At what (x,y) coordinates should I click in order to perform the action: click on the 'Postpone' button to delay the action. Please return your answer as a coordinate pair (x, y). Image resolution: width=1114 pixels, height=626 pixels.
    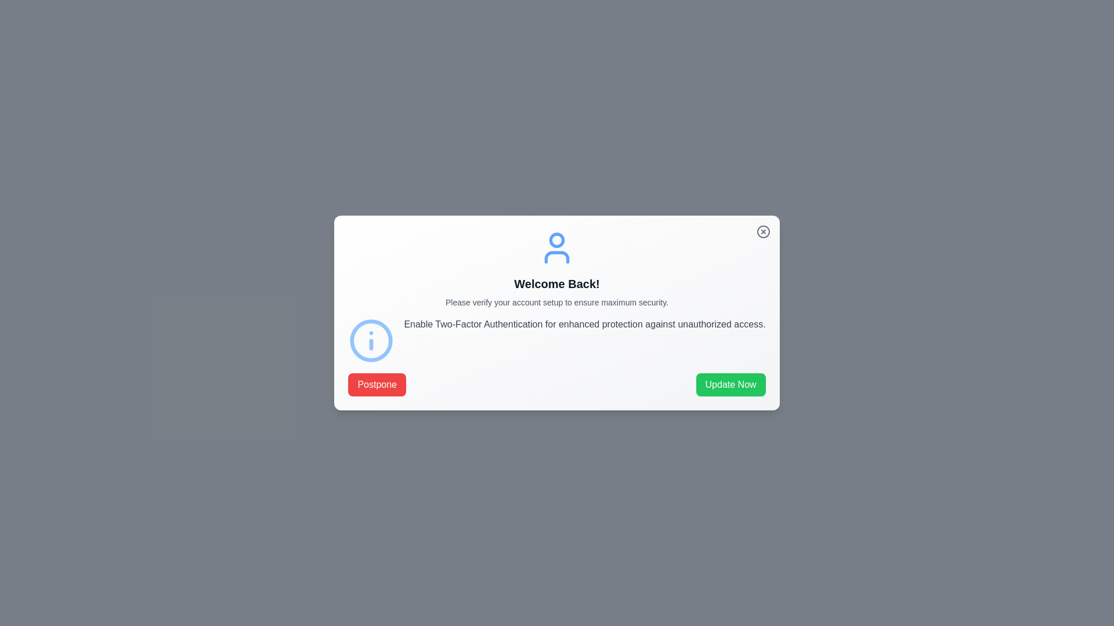
    Looking at the image, I should click on (377, 384).